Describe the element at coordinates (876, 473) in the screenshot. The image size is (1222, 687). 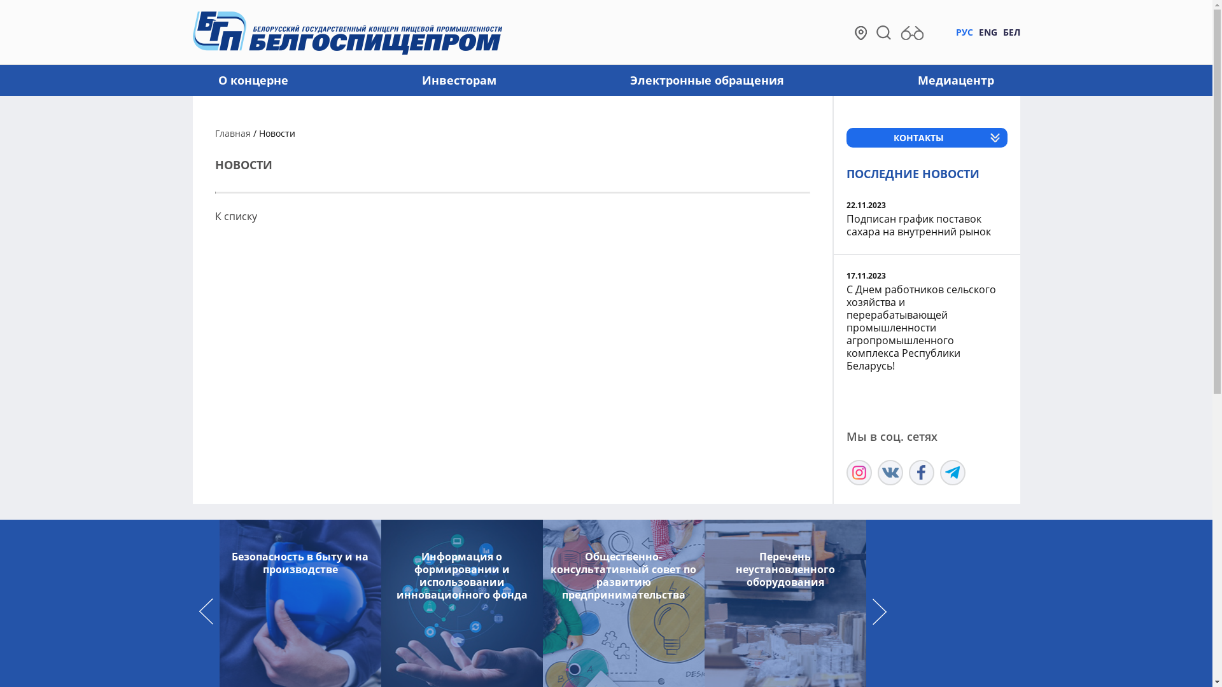
I see `'Vk'` at that location.